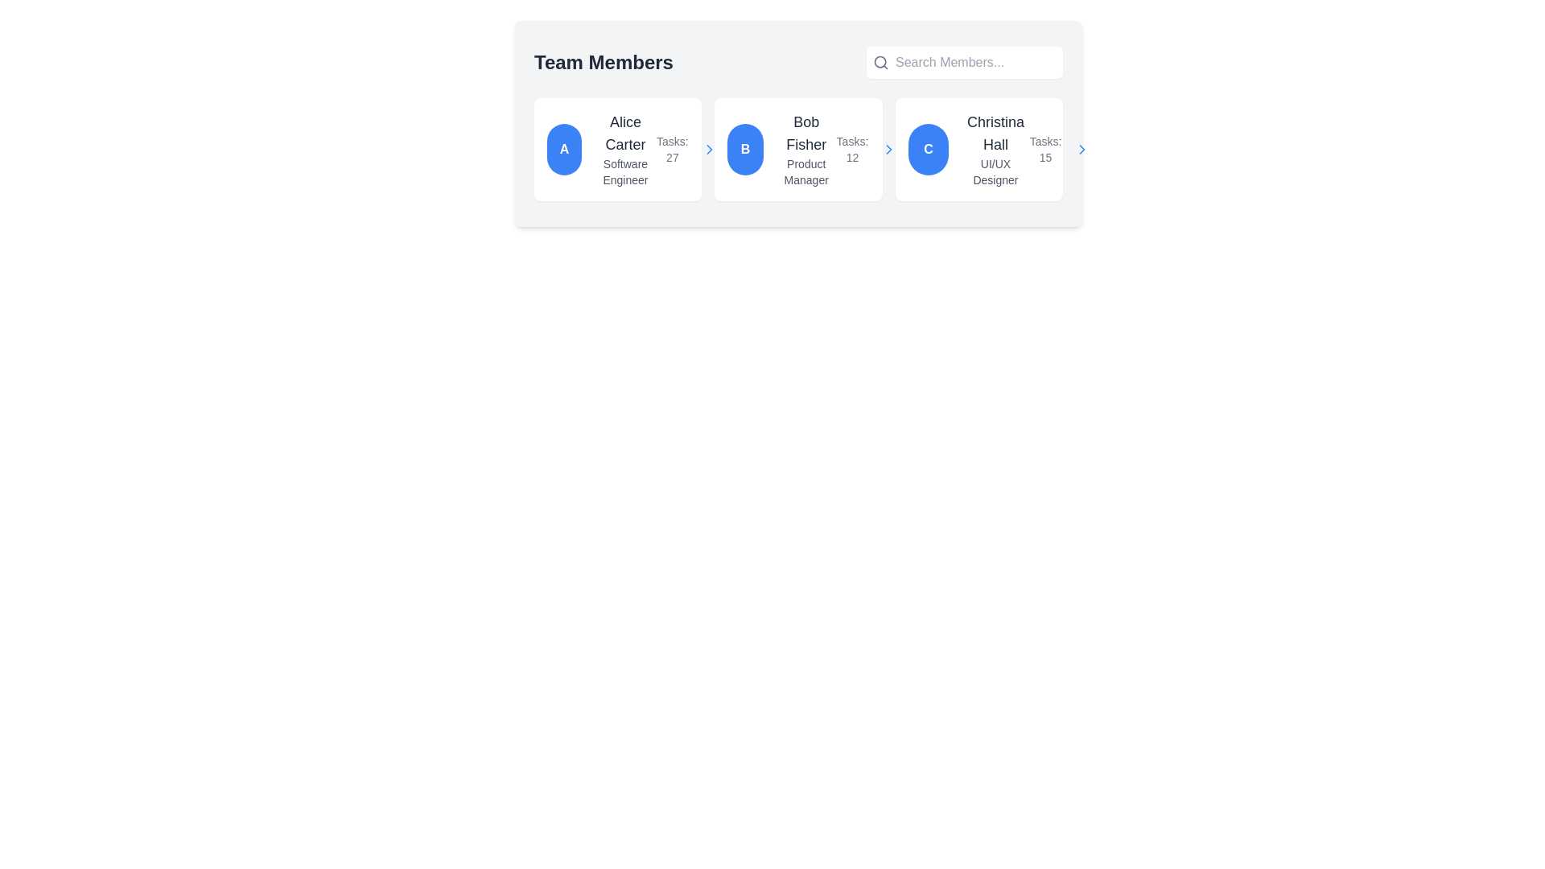  Describe the element at coordinates (806, 149) in the screenshot. I see `displayed text of the textual display block showcasing structured information for 'Bob Fisher', Product Manager, located within the second card labeled 'B'` at that location.